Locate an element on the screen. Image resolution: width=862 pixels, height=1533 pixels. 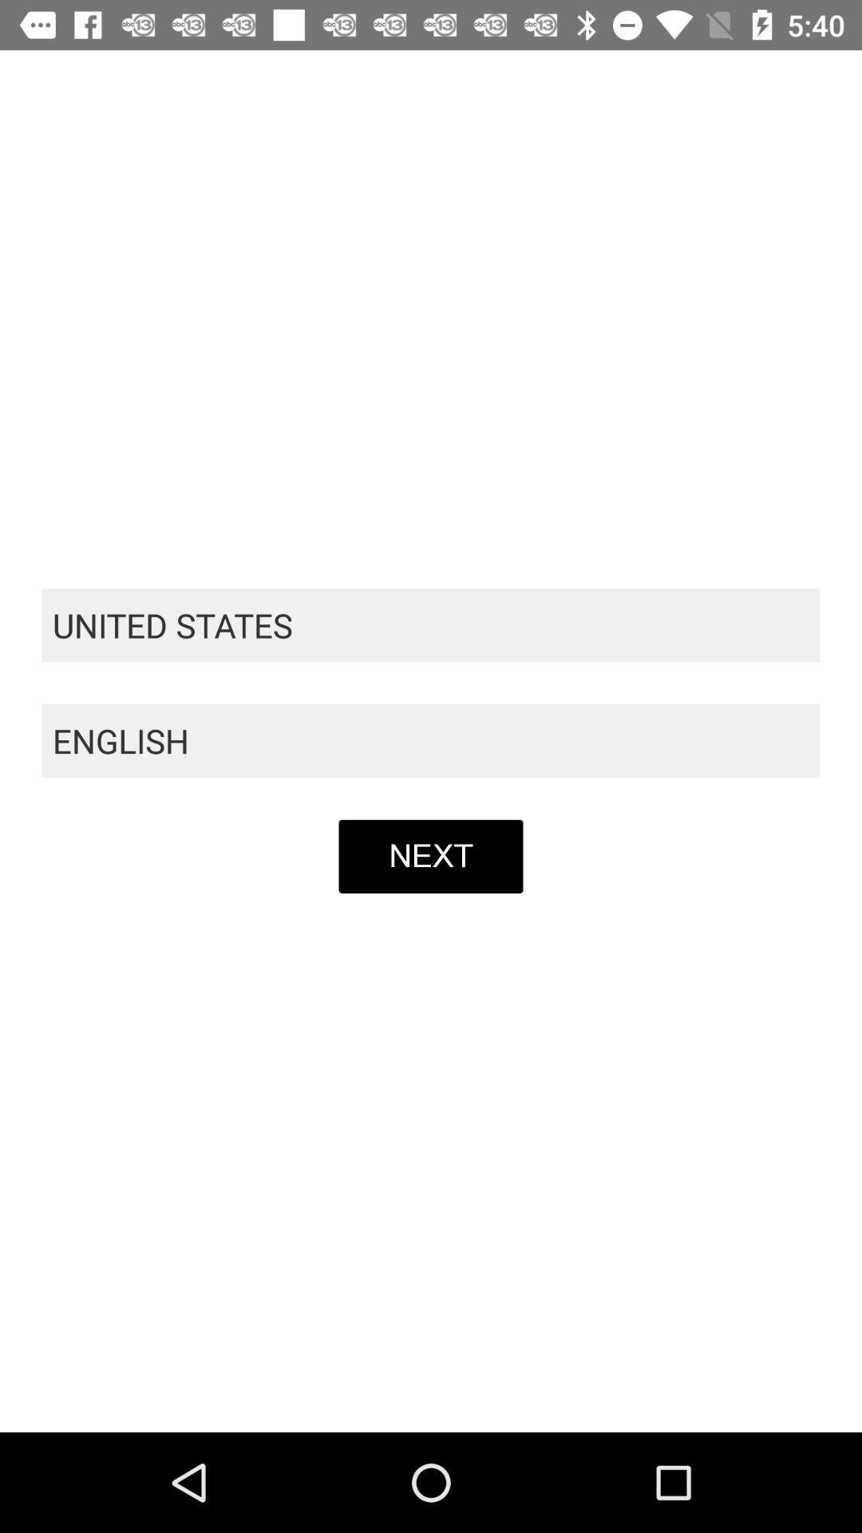
next icon is located at coordinates (431, 855).